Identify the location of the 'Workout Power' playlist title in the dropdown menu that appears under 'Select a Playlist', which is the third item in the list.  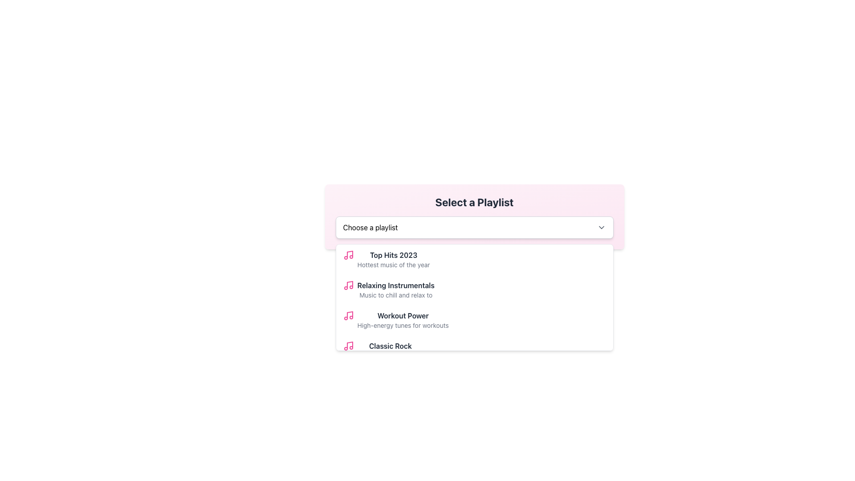
(403, 315).